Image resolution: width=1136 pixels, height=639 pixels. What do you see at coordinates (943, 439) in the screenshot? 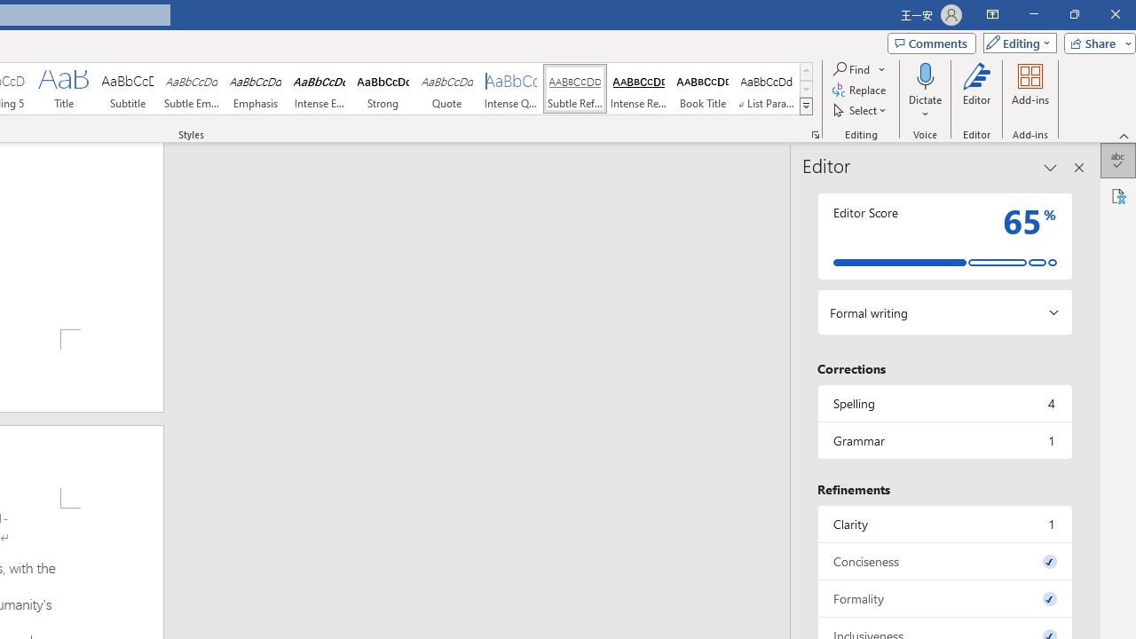
I see `'Grammar, 1 issue. Press space or enter to review items.'` at bounding box center [943, 439].